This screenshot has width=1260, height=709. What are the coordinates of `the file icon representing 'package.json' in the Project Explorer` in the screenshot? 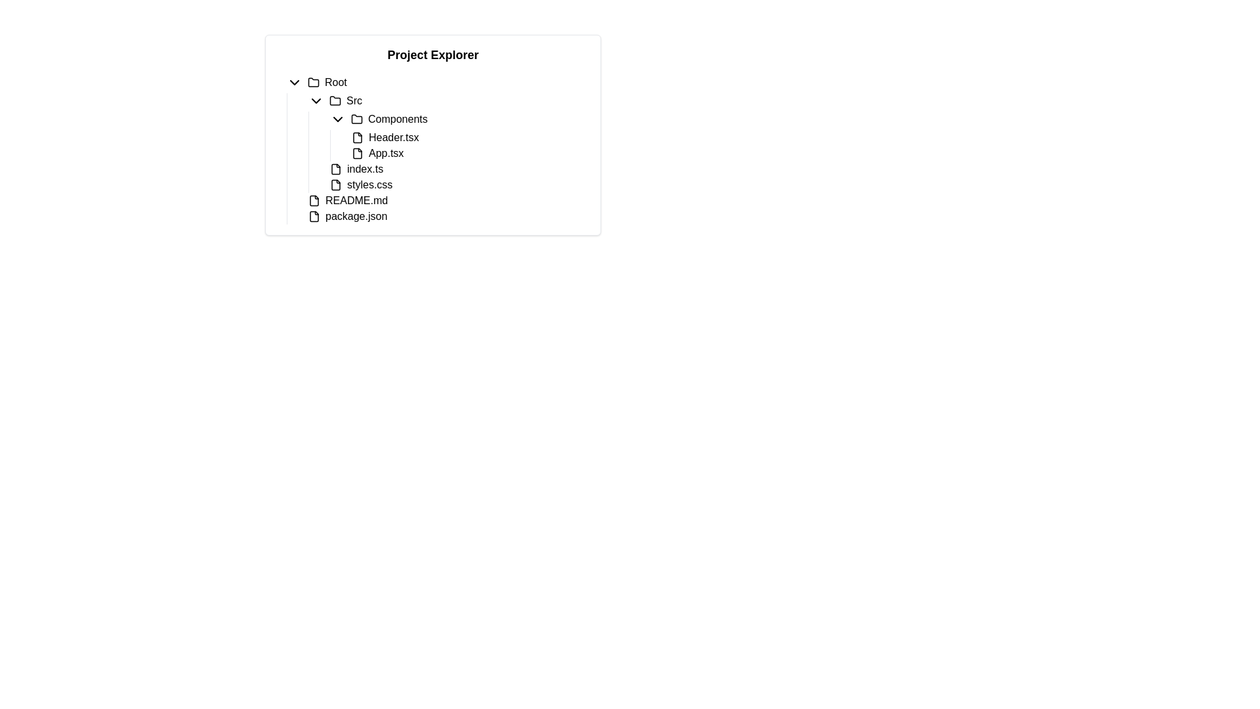 It's located at (314, 216).